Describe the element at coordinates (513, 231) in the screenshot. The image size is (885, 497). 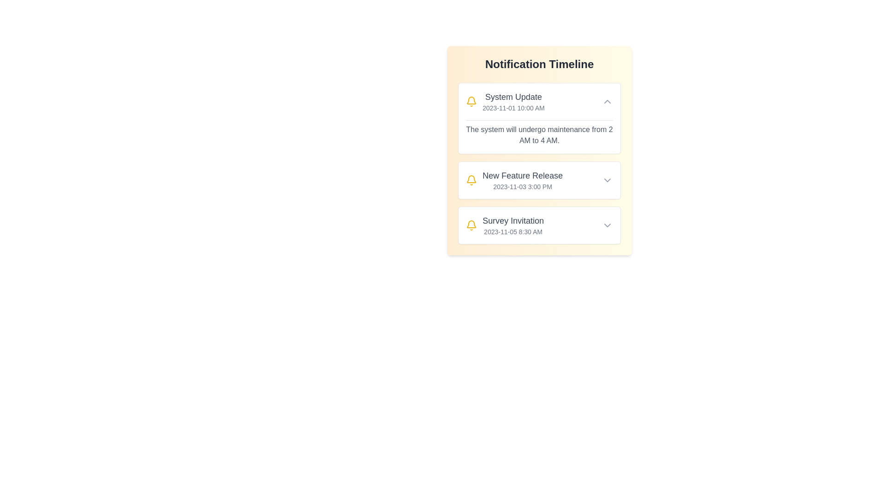
I see `the small text label displaying the date and time '2023-11-05 8:30 AM' located in the right bottom segment of the 'Survey Invitation' card` at that location.